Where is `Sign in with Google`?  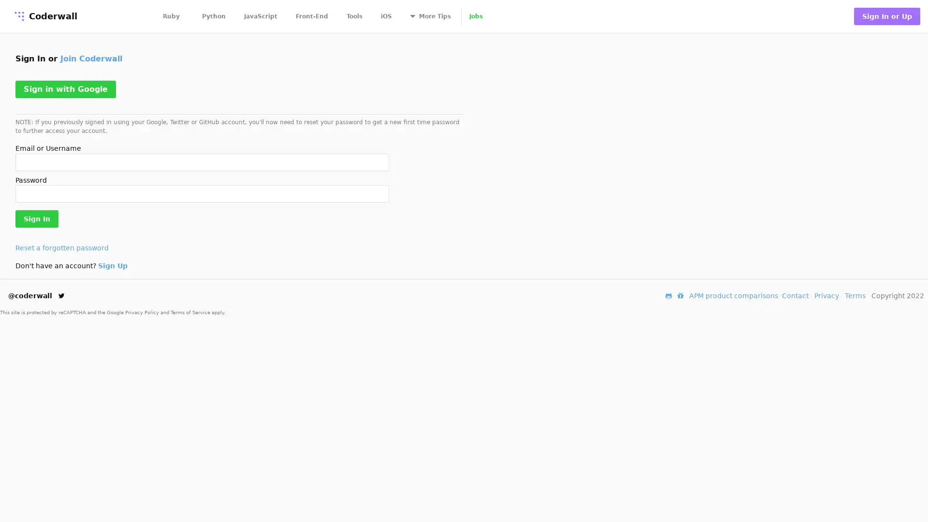
Sign in with Google is located at coordinates (65, 89).